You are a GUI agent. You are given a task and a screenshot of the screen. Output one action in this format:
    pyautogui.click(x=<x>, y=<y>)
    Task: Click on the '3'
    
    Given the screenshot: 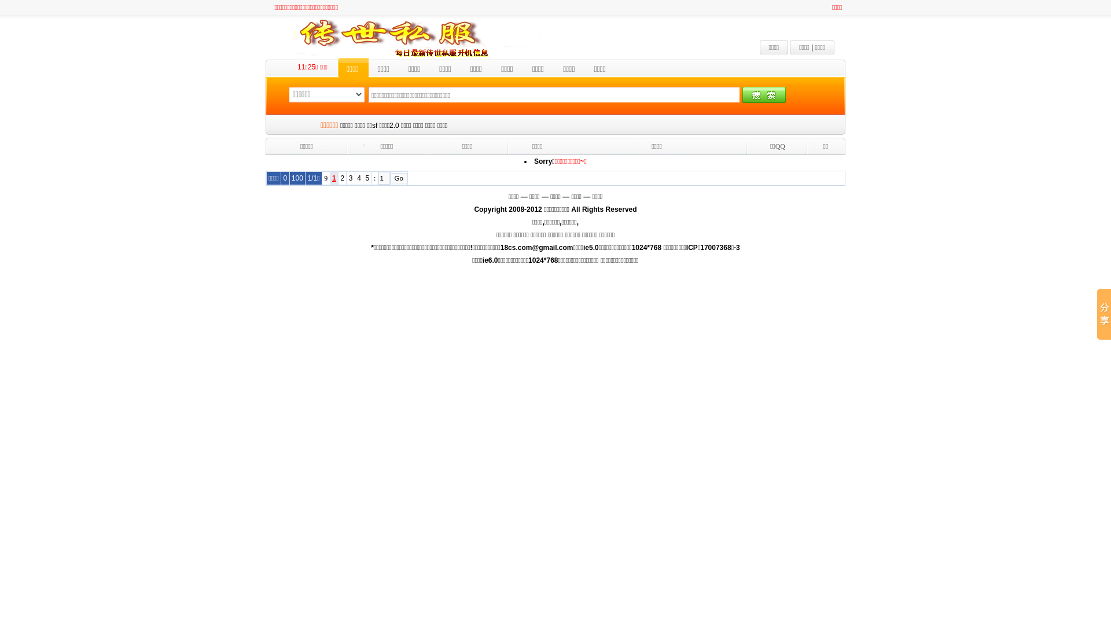 What is the action you would take?
    pyautogui.click(x=348, y=178)
    